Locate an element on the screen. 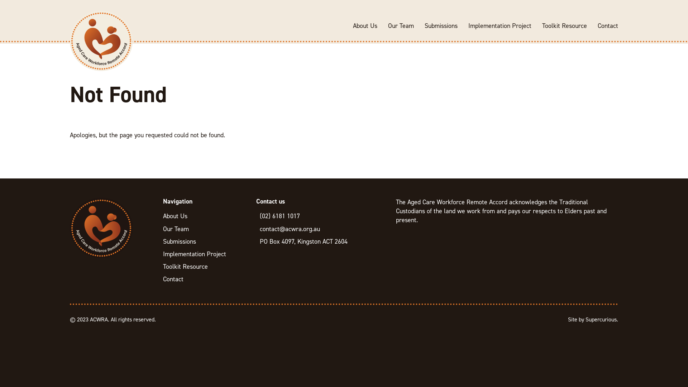  'About Us' is located at coordinates (163, 216).